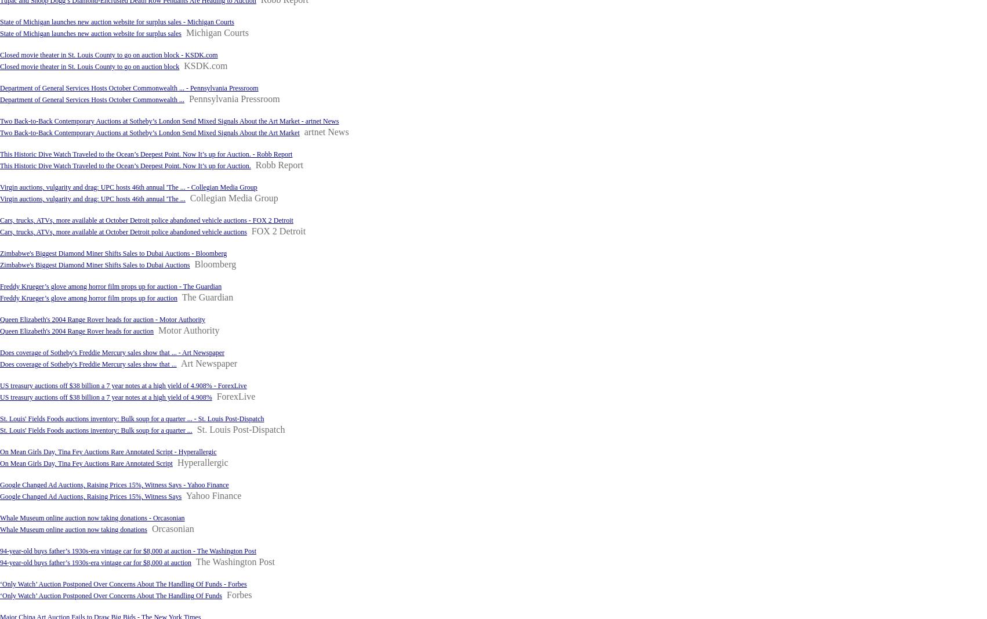 Image resolution: width=987 pixels, height=619 pixels. I want to click on 'Robb Report', so click(278, 165).